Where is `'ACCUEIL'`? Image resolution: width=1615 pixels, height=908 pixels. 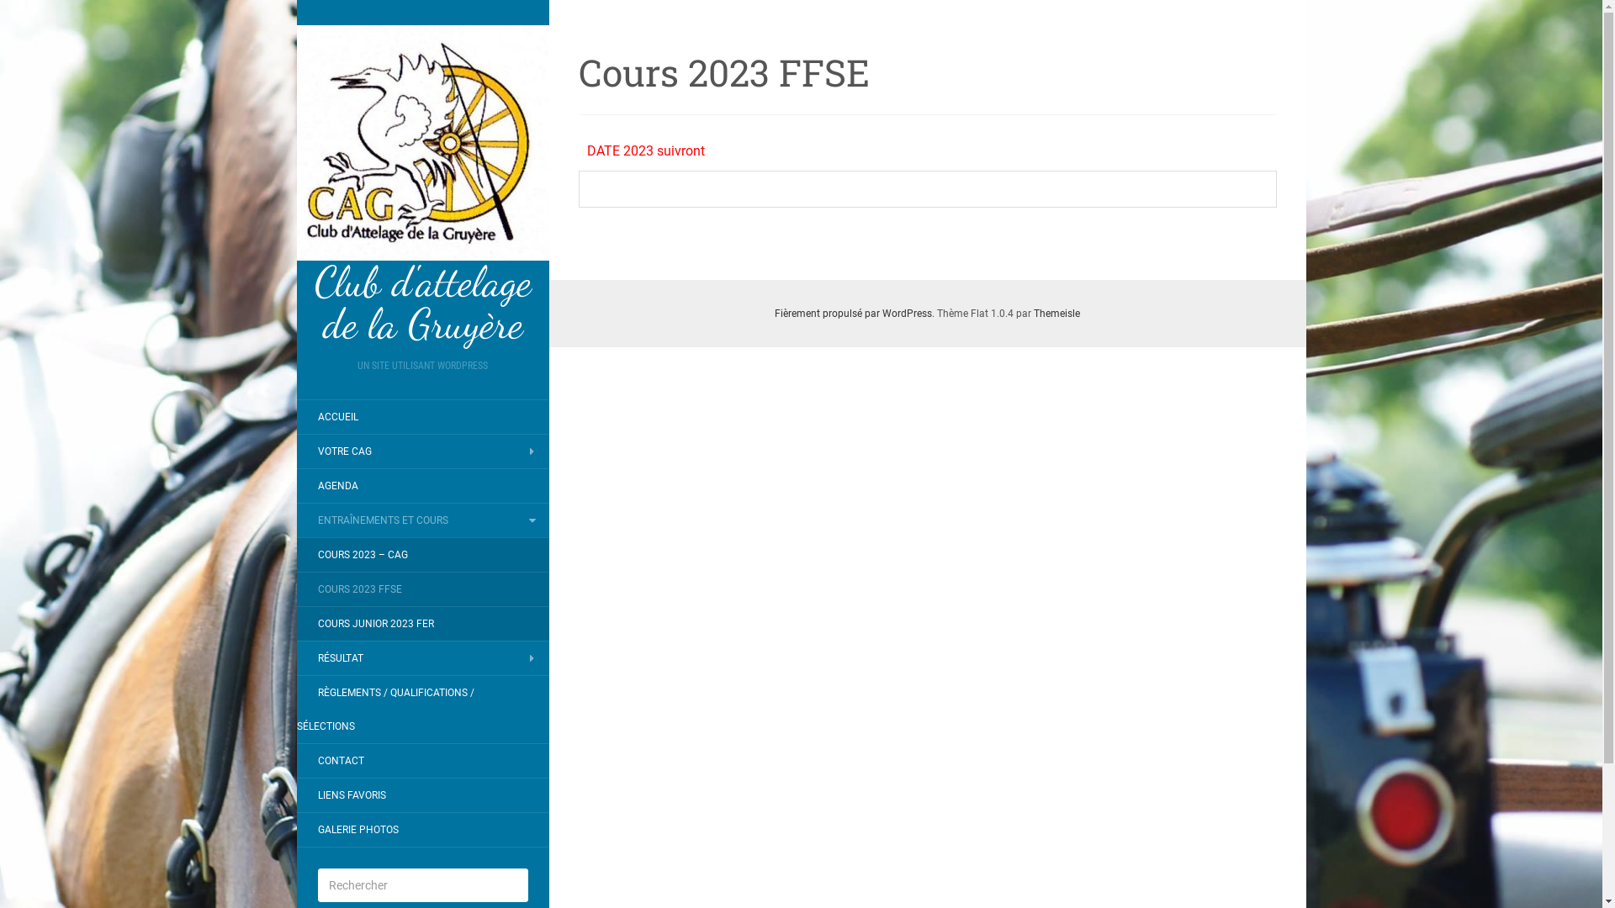
'ACCUEIL' is located at coordinates (295, 416).